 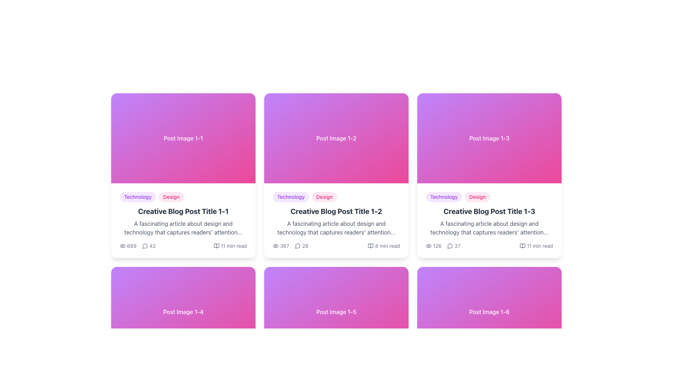 What do you see at coordinates (183, 138) in the screenshot?
I see `the visual appeal of the image placeholder located in the upper section of the first card in the first row of the grid layout, which is directly above the text 'Creative Blog Post Title 1-1'` at bounding box center [183, 138].